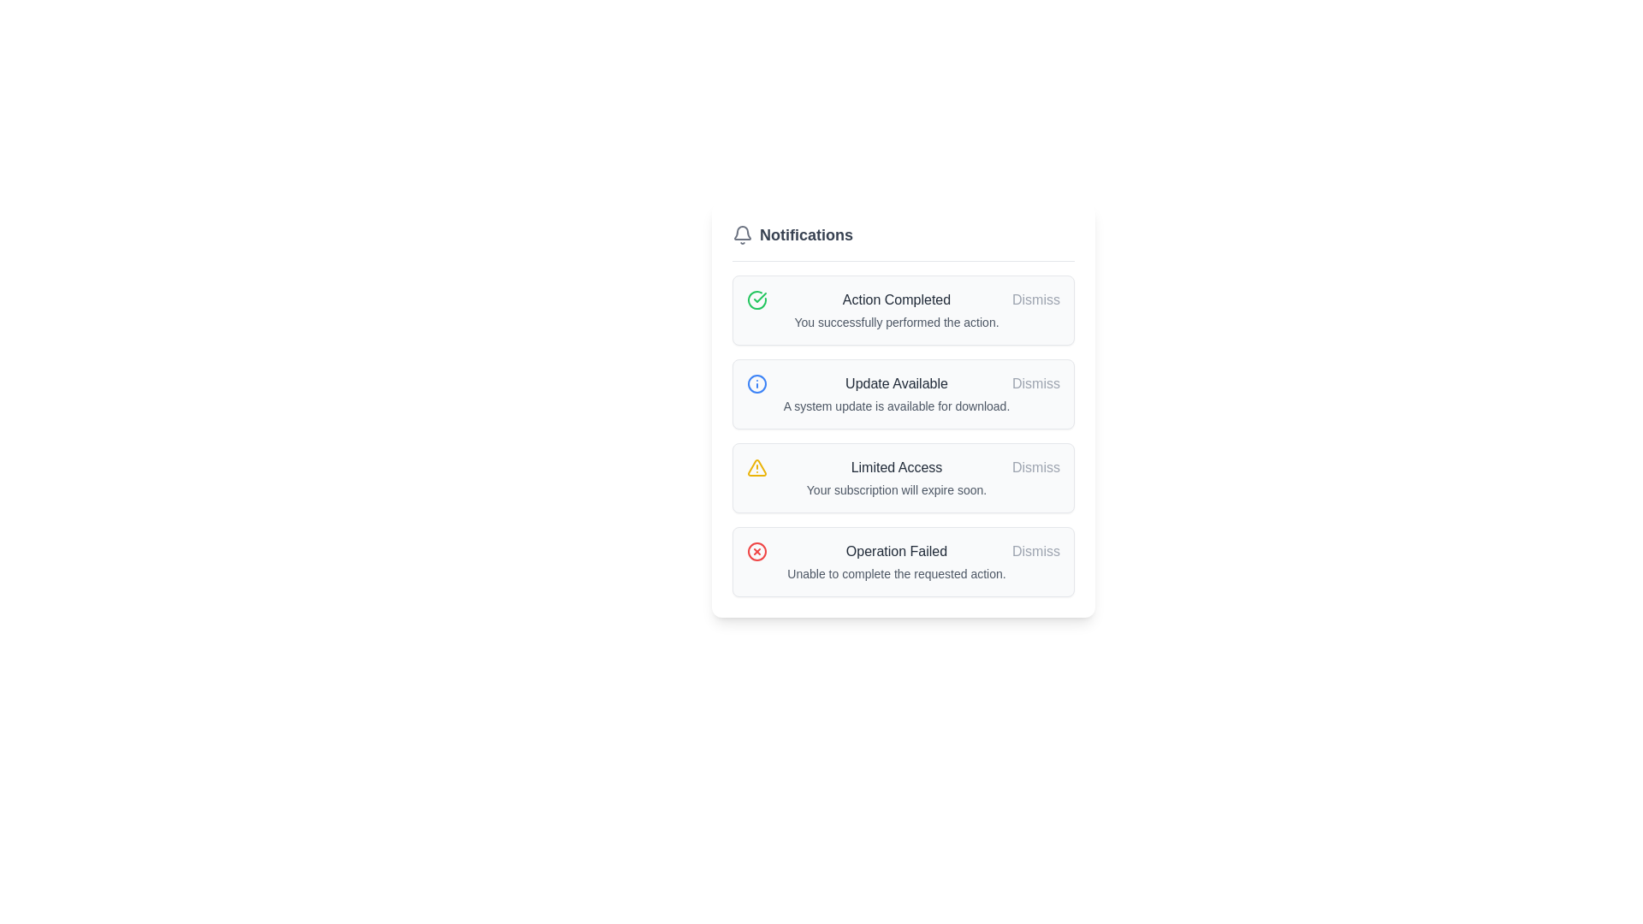  What do you see at coordinates (756, 551) in the screenshot?
I see `the error indicator icon located to the left of the 'Operation Failed' notification text` at bounding box center [756, 551].